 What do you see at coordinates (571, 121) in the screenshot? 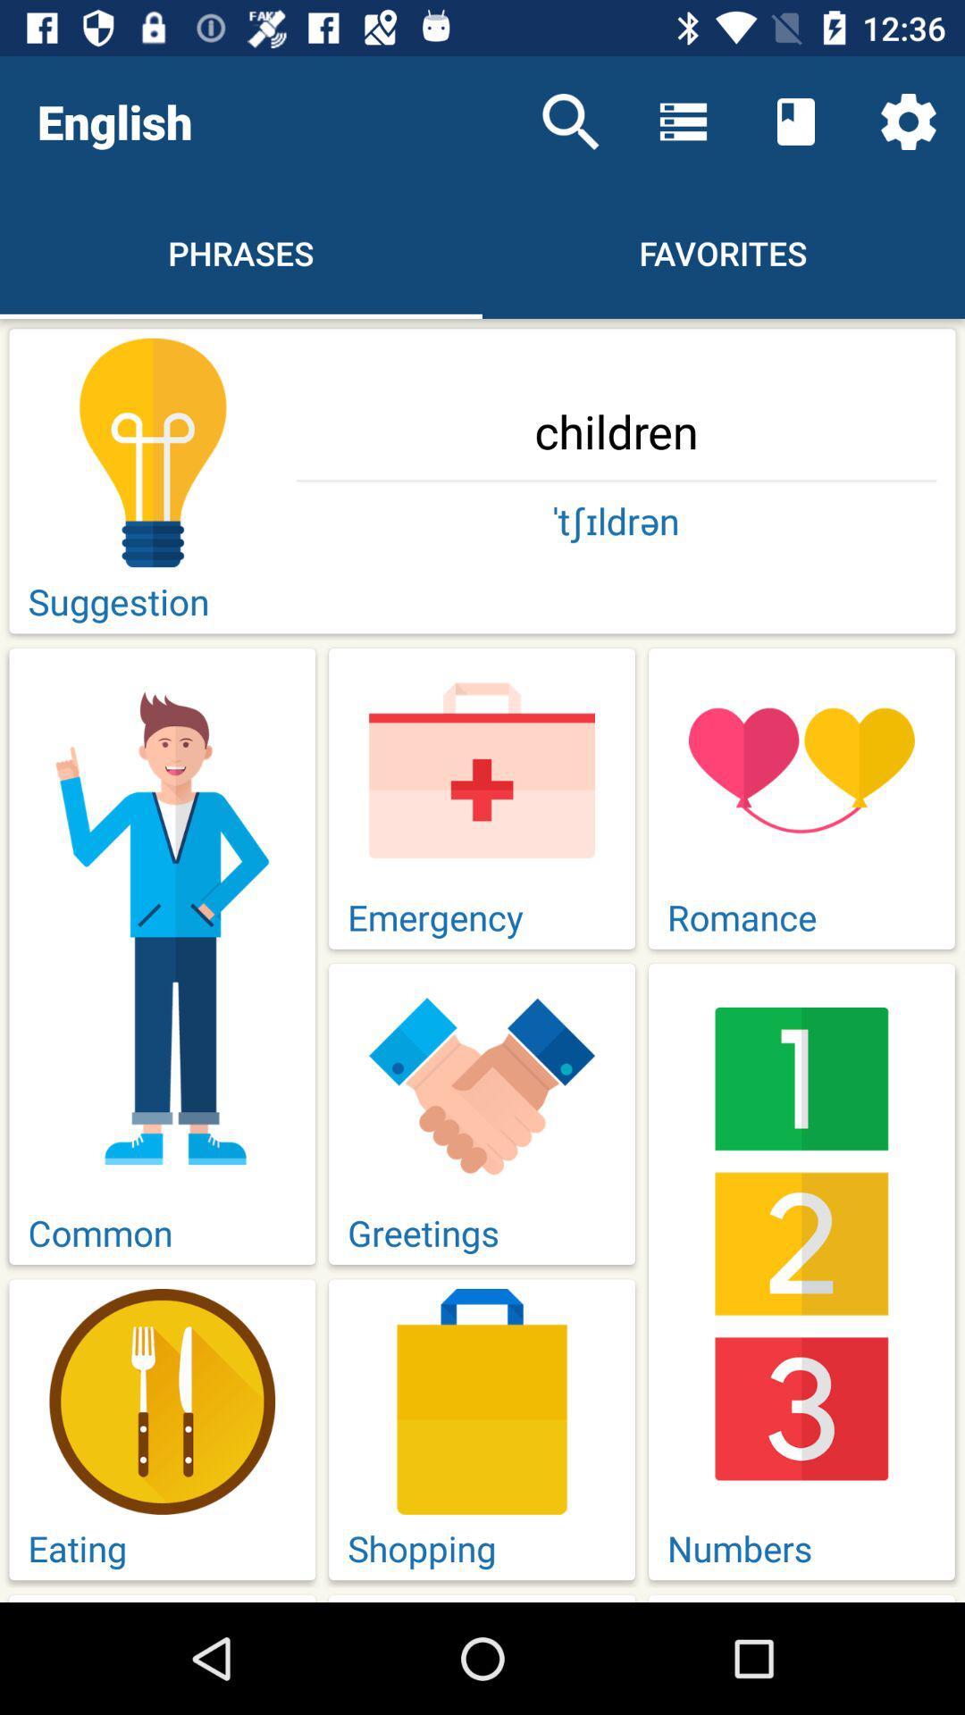
I see `the item above the children item` at bounding box center [571, 121].